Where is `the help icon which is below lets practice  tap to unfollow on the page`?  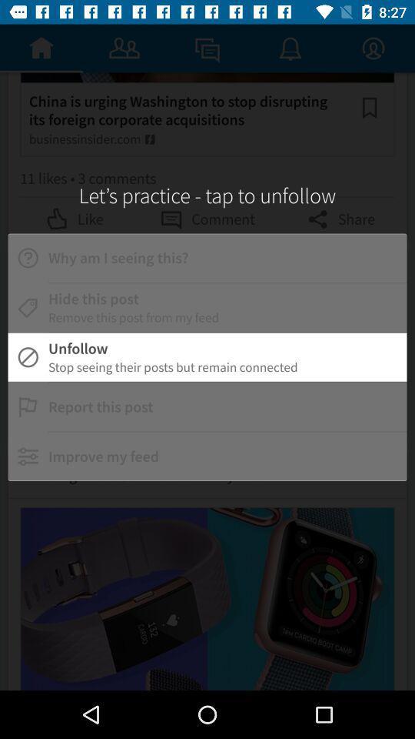 the help icon which is below lets practice  tap to unfollow on the page is located at coordinates (28, 258).